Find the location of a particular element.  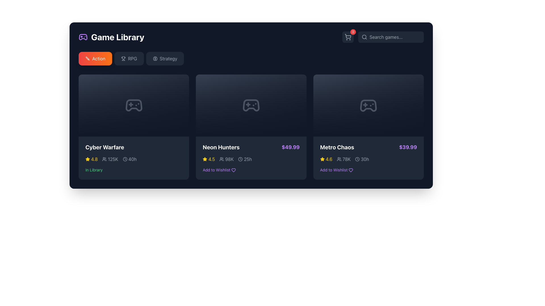

the Text label that displays the game's rating score, located to the right of the star icon in the rating section of the 'Metro Chaos' card is located at coordinates (329, 159).